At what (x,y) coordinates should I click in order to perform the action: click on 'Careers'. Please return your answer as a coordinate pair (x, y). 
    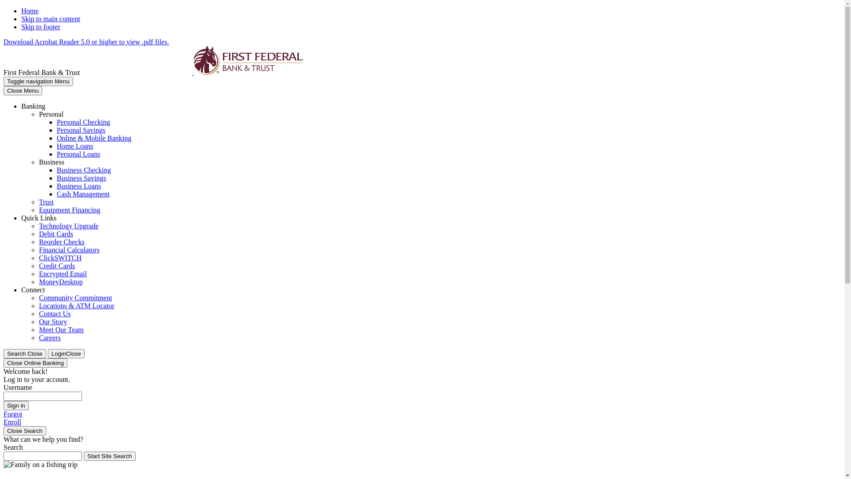
    Looking at the image, I should click on (38, 338).